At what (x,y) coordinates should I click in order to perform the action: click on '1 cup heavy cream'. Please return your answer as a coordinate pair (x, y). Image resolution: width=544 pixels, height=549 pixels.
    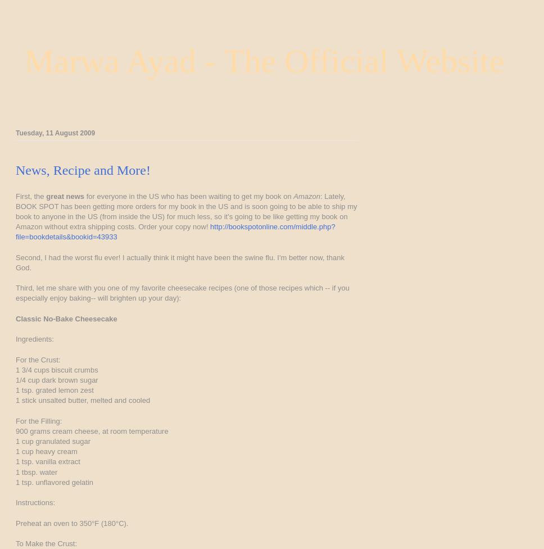
    Looking at the image, I should click on (46, 451).